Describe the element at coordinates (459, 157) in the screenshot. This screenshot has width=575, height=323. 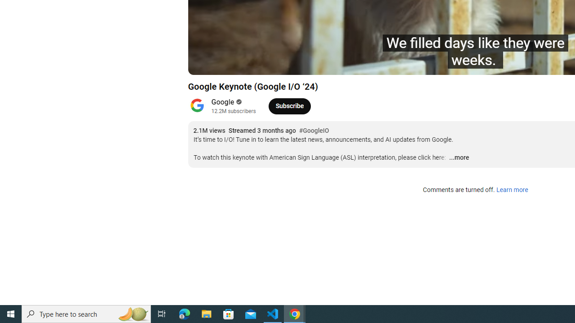
I see `'...more'` at that location.